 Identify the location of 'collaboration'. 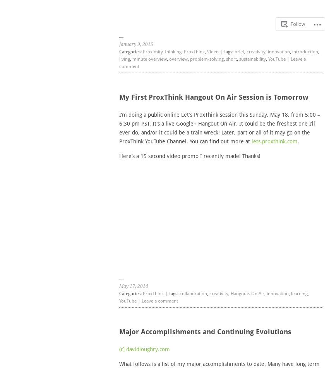
(193, 293).